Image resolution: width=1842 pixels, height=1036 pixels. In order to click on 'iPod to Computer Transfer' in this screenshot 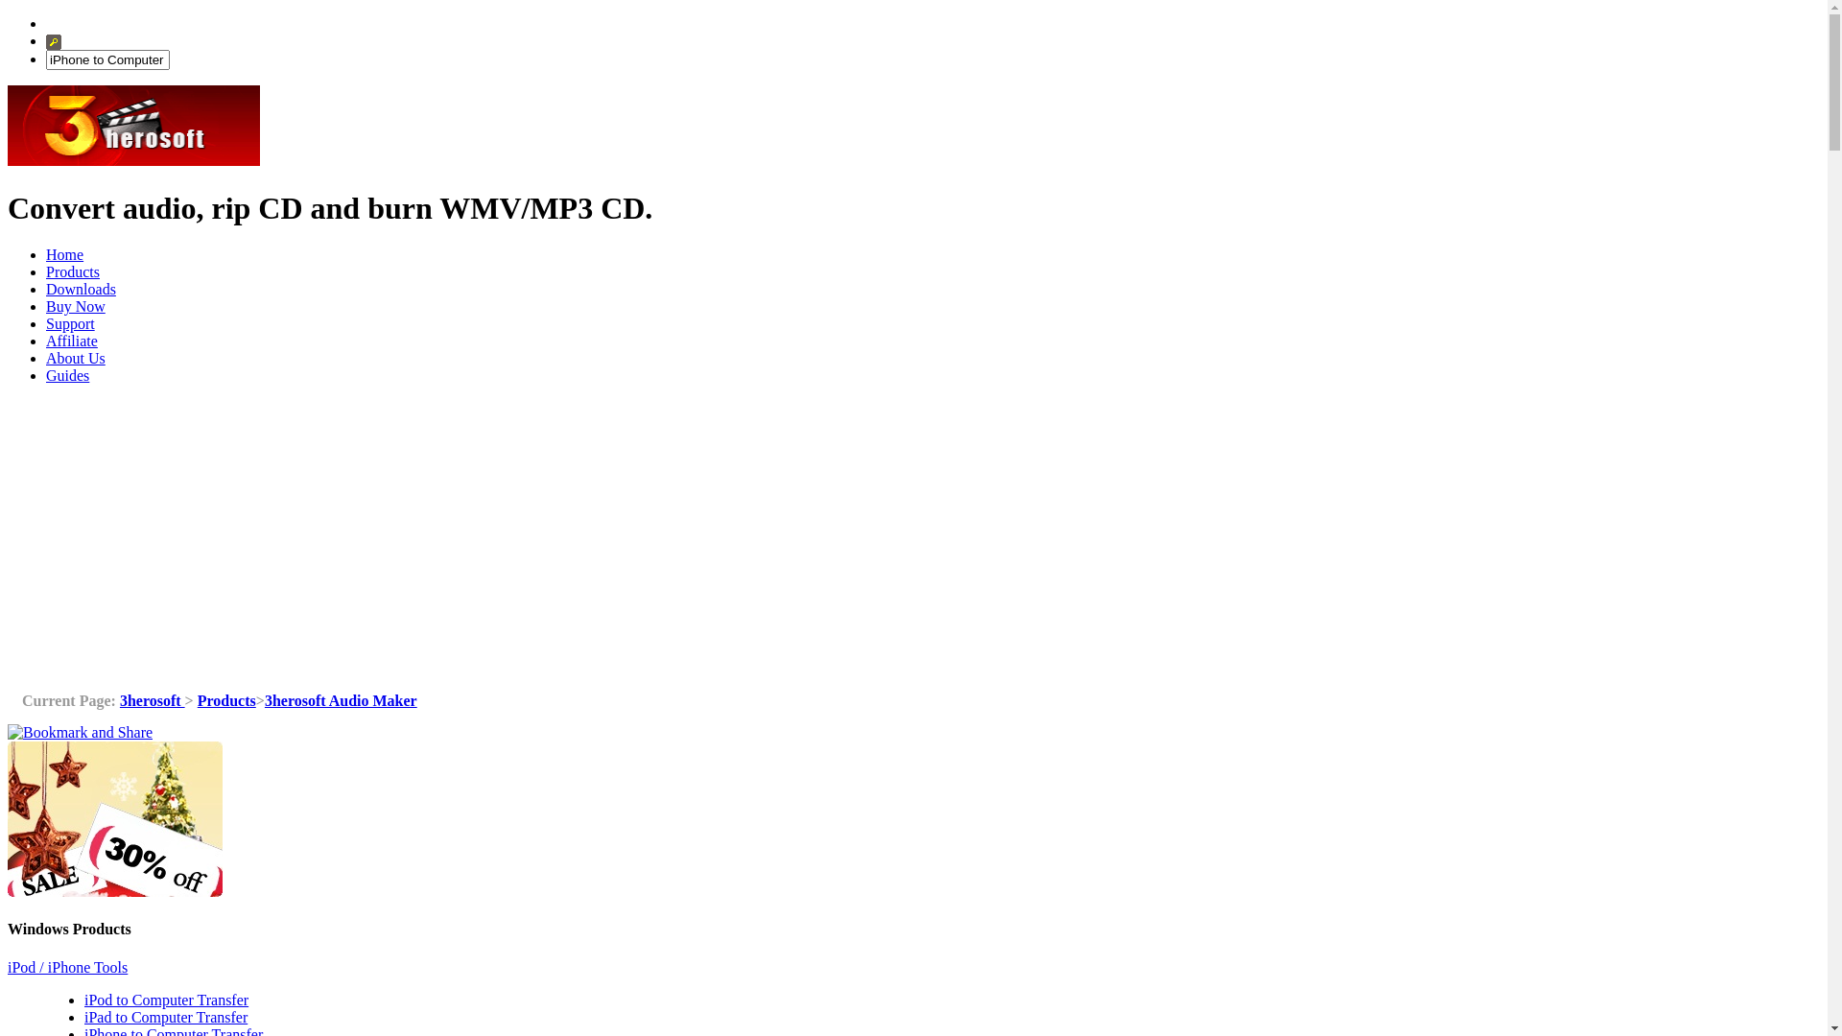, I will do `click(83, 999)`.